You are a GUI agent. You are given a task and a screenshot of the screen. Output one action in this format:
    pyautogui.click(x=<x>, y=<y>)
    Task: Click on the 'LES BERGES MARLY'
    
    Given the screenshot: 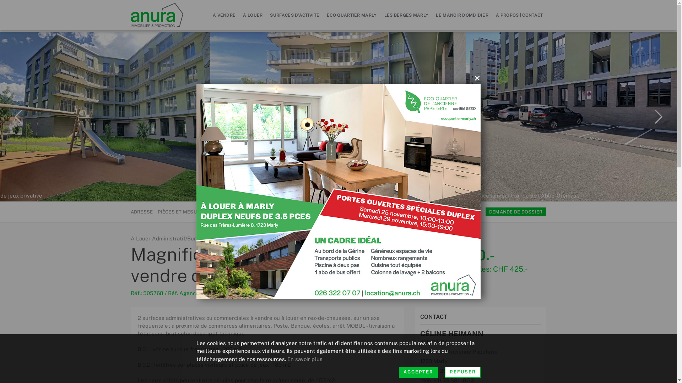 What is the action you would take?
    pyautogui.click(x=406, y=15)
    